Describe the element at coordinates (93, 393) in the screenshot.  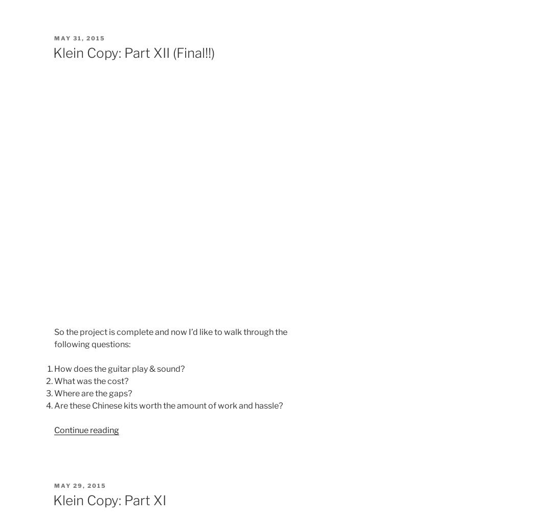
I see `'Where are the gaps?'` at that location.